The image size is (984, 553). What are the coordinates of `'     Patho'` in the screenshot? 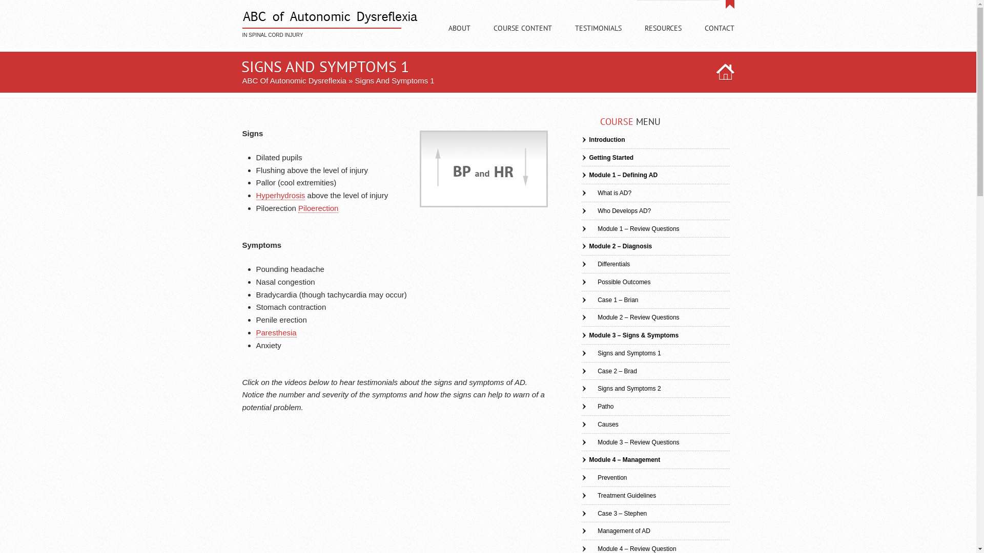 It's located at (597, 406).